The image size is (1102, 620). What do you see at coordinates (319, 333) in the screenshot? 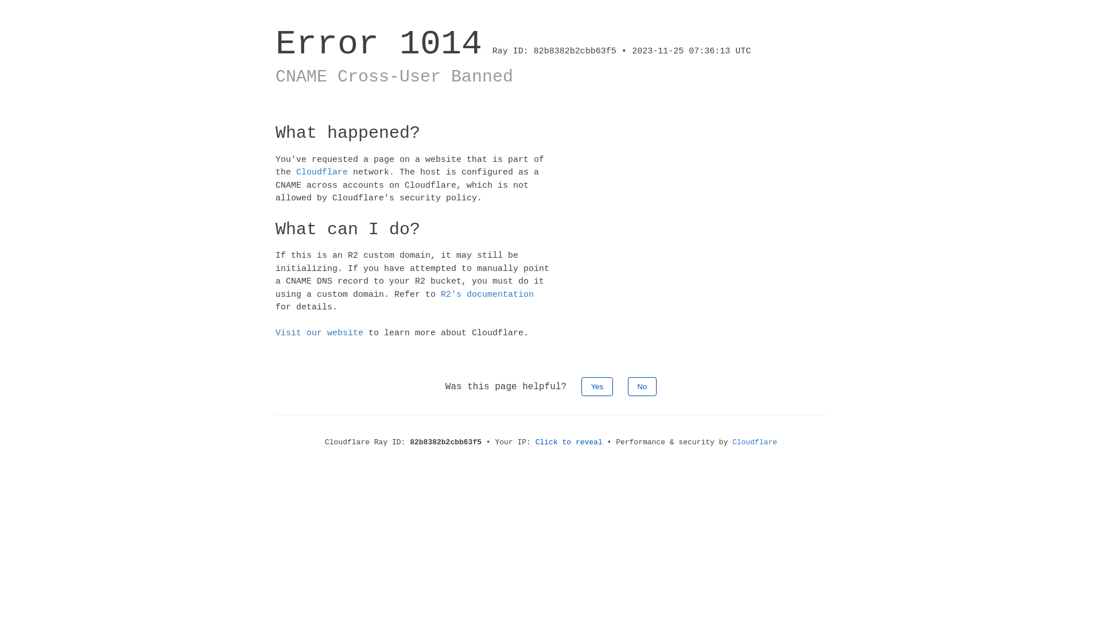
I see `'Visit our website'` at bounding box center [319, 333].